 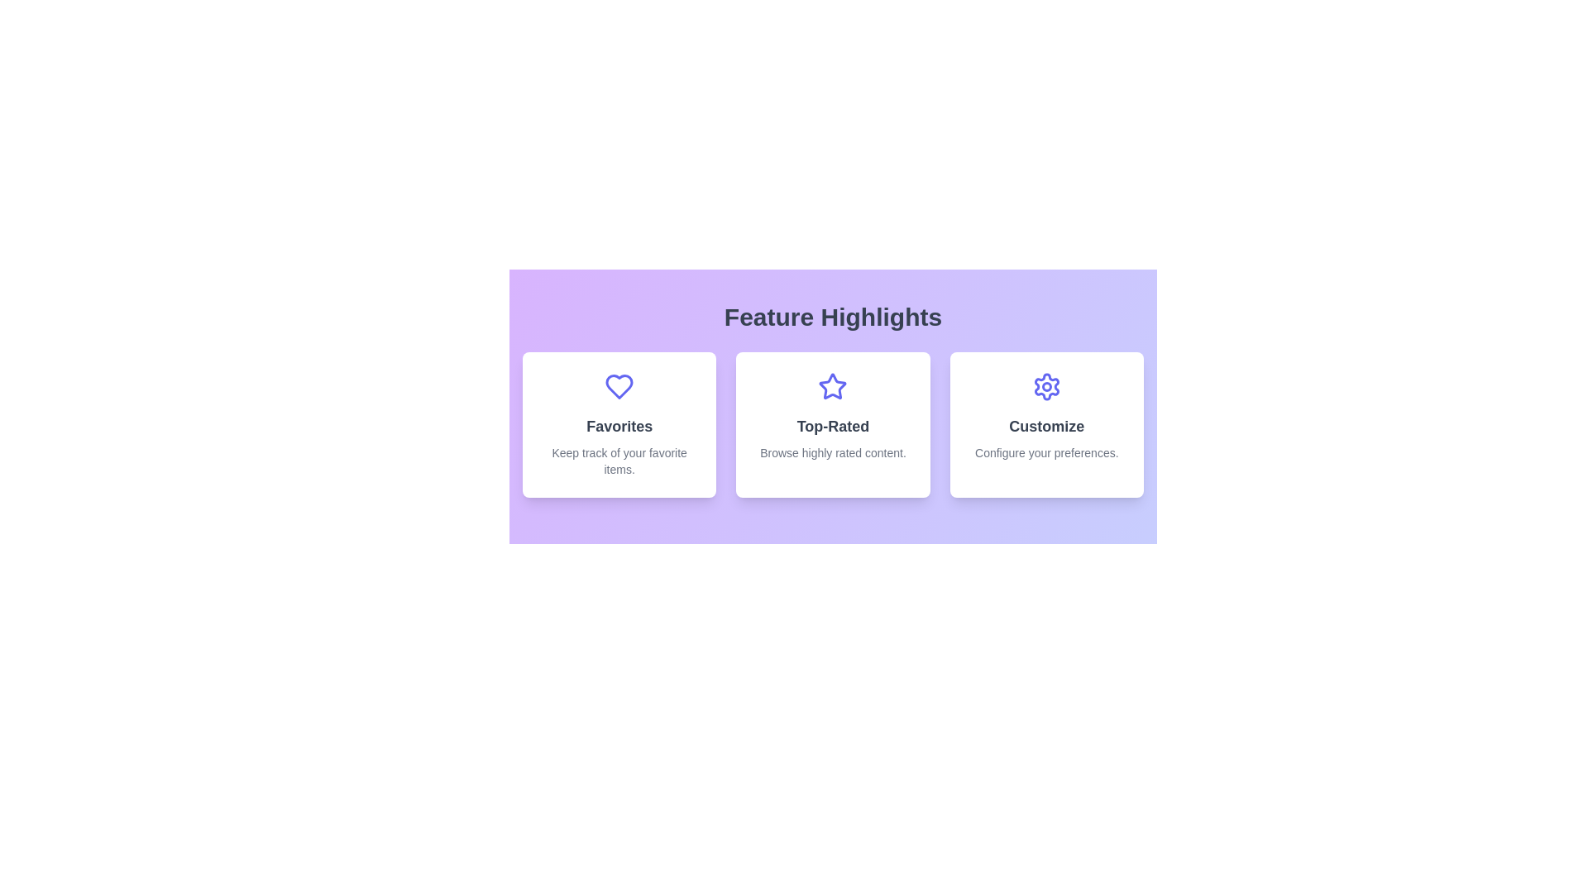 What do you see at coordinates (1045, 386) in the screenshot?
I see `the gear-shaped icon located in the 'Customize' section` at bounding box center [1045, 386].